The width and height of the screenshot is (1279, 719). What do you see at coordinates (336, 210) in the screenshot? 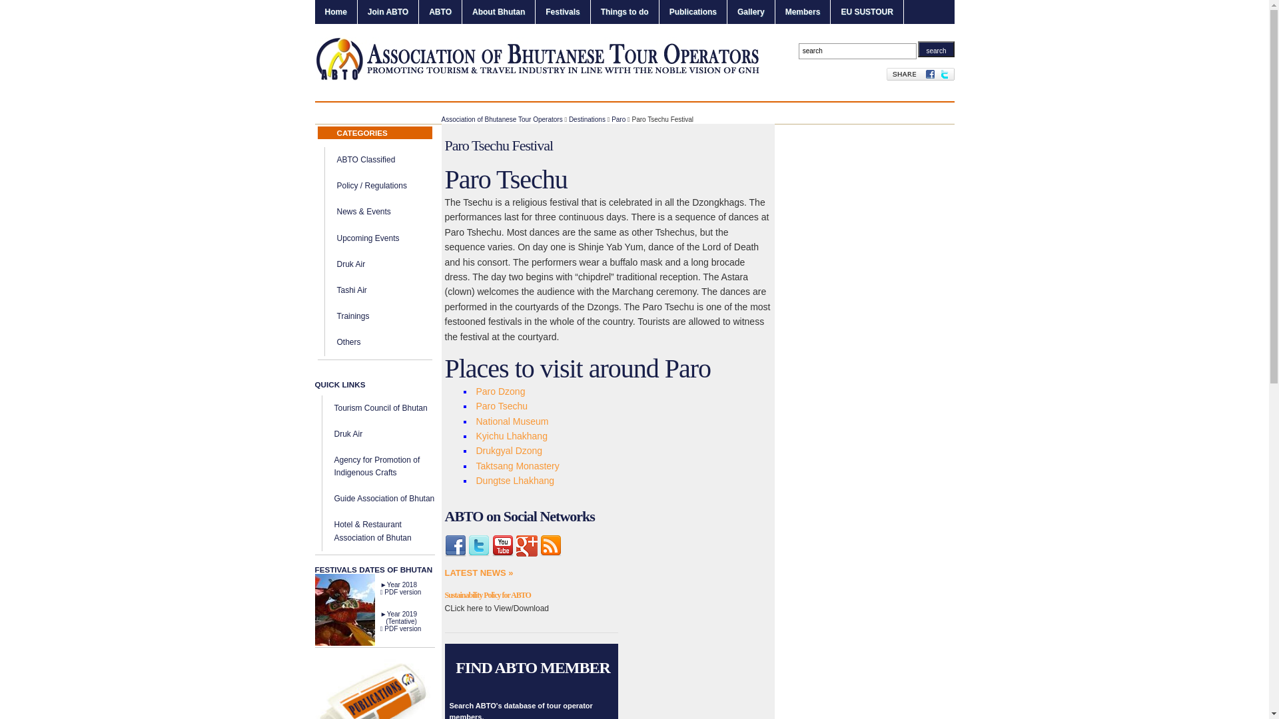
I see `'News & Events'` at bounding box center [336, 210].